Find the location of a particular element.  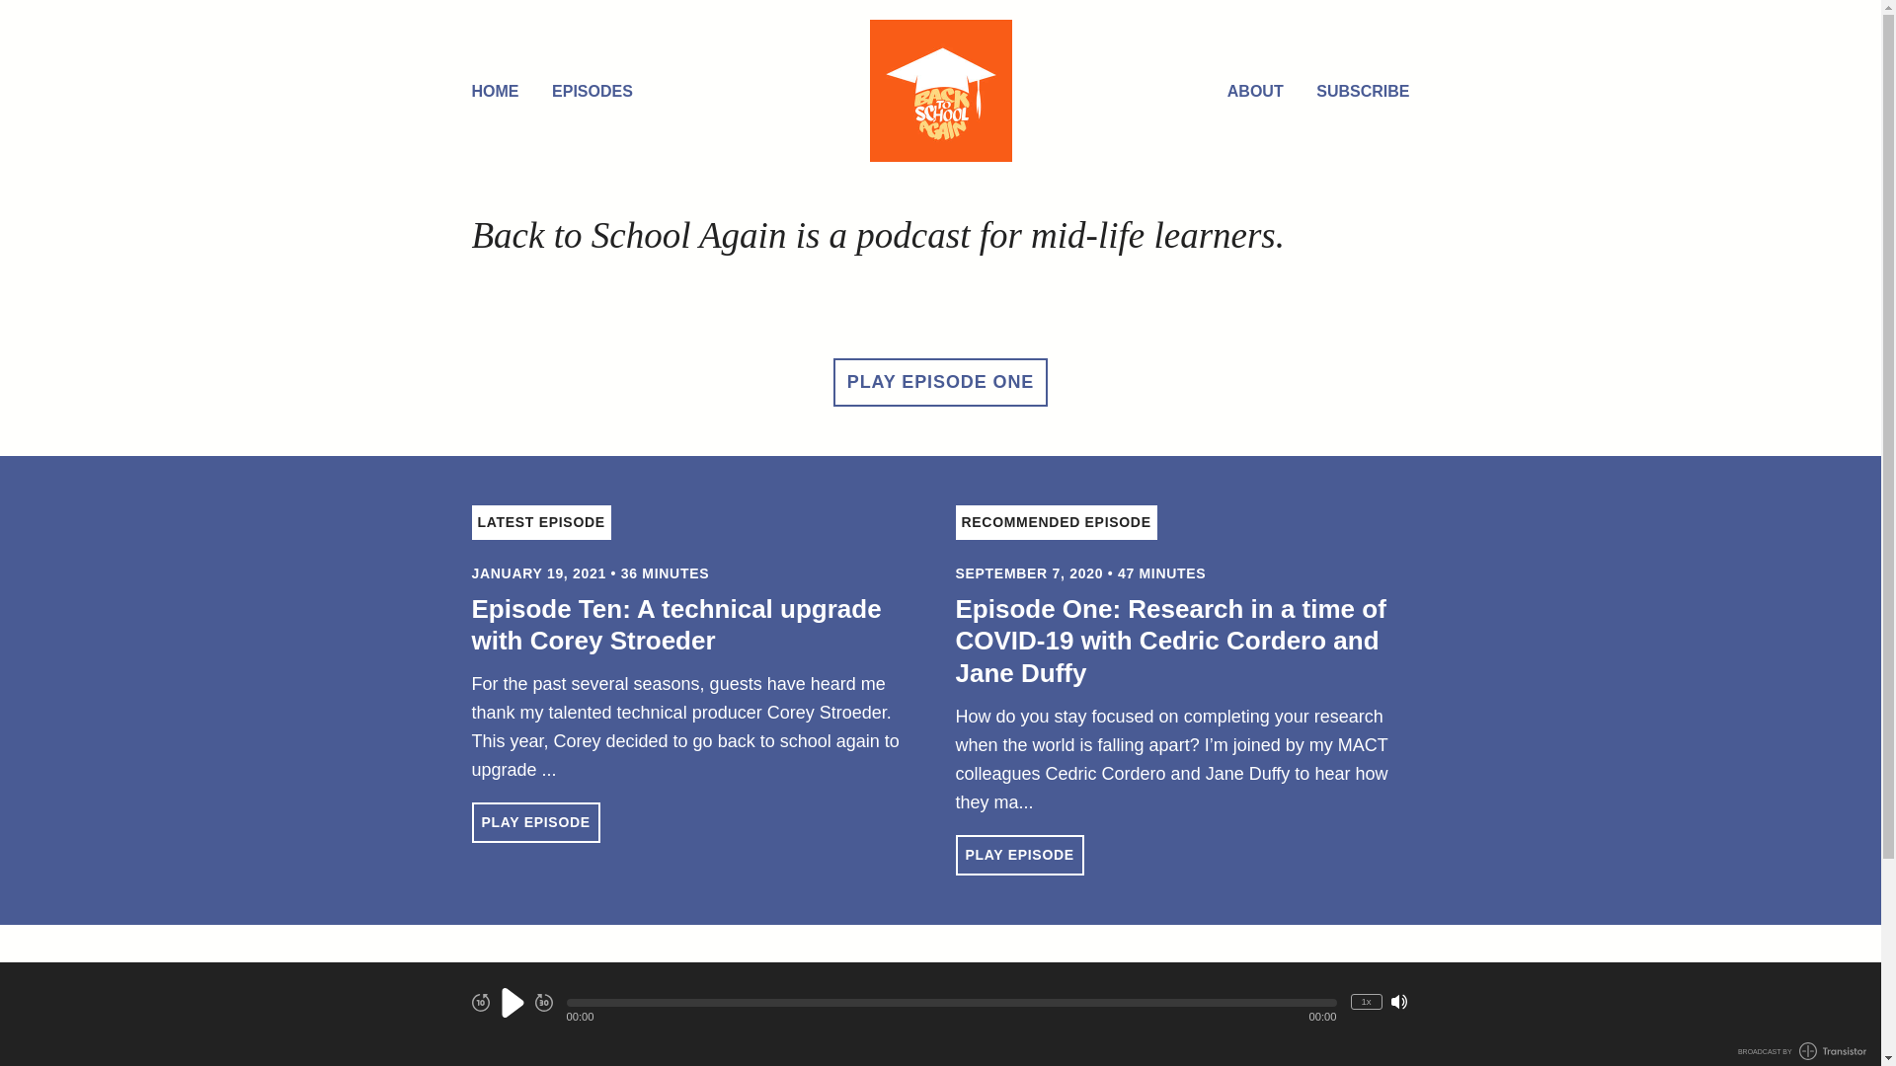

'Fast Forward 30 seconds' is located at coordinates (544, 1001).